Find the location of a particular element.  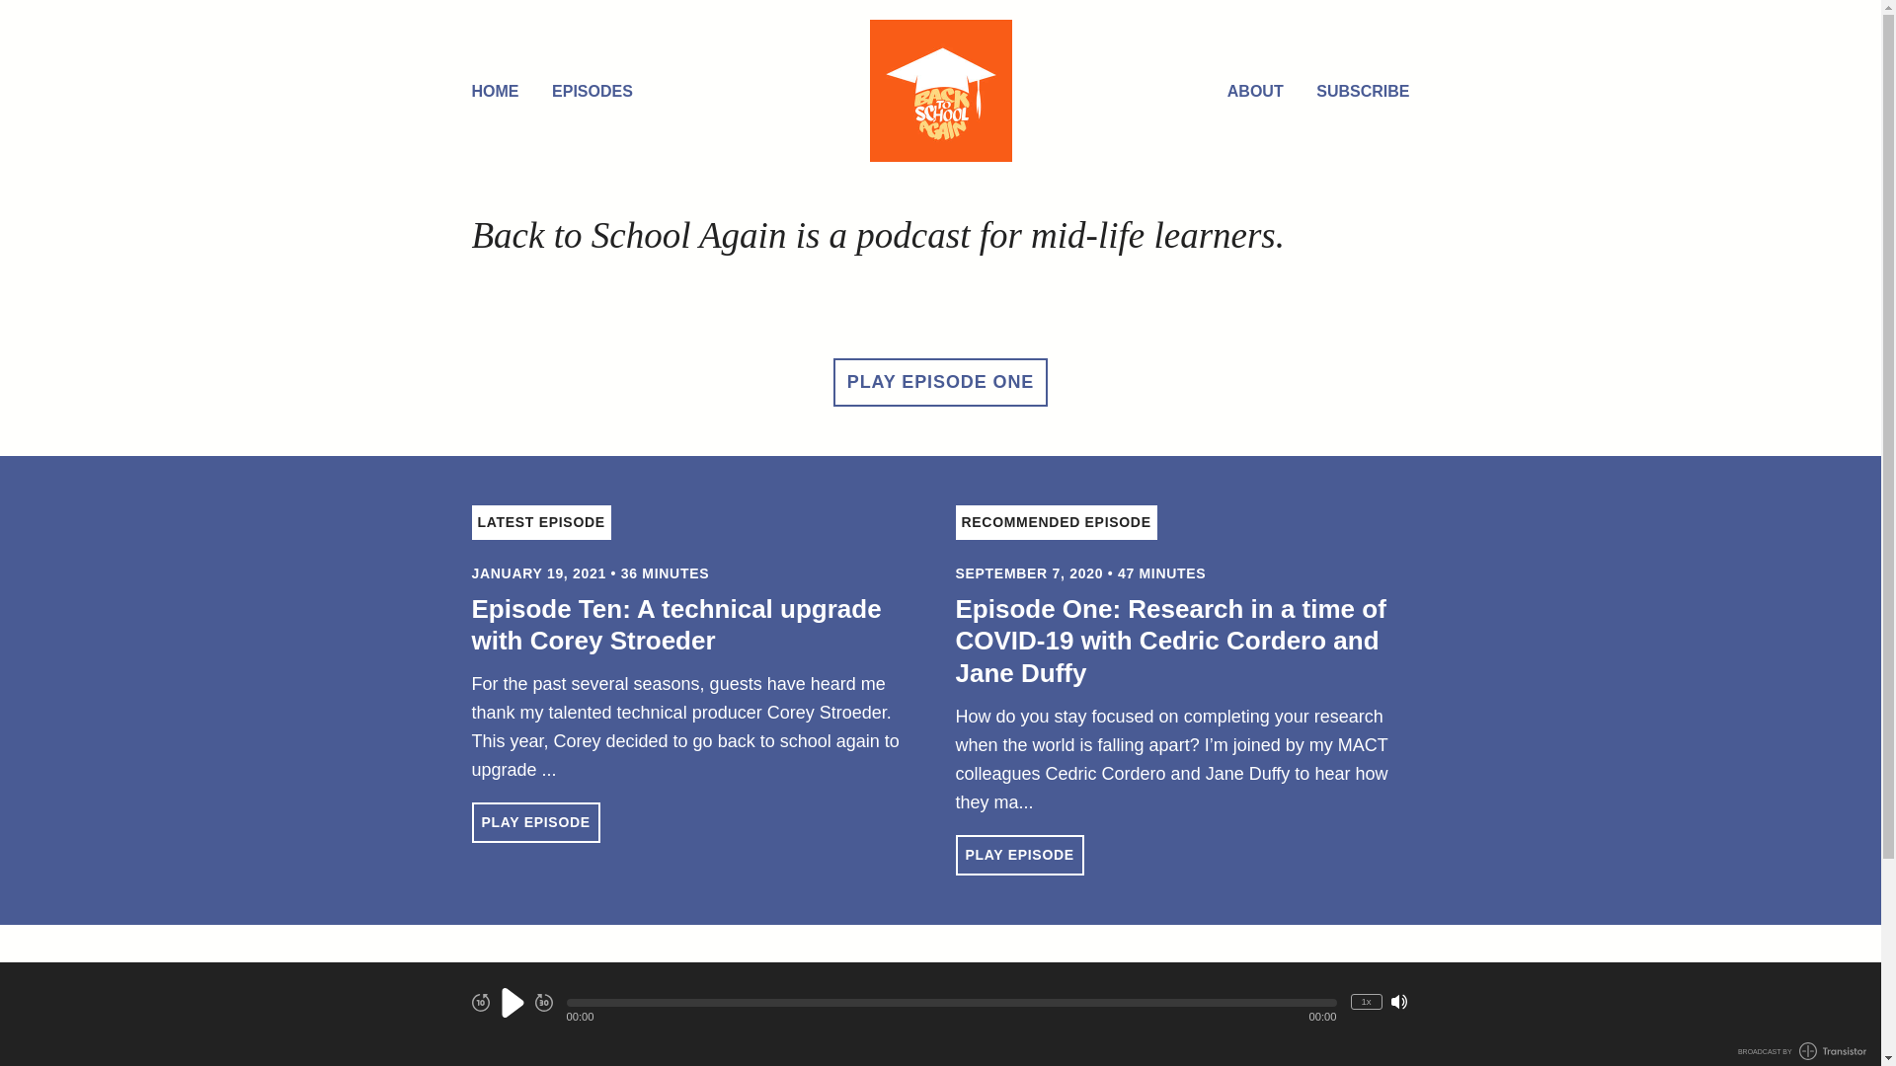

'Fast Forward 30 seconds' is located at coordinates (544, 1001).